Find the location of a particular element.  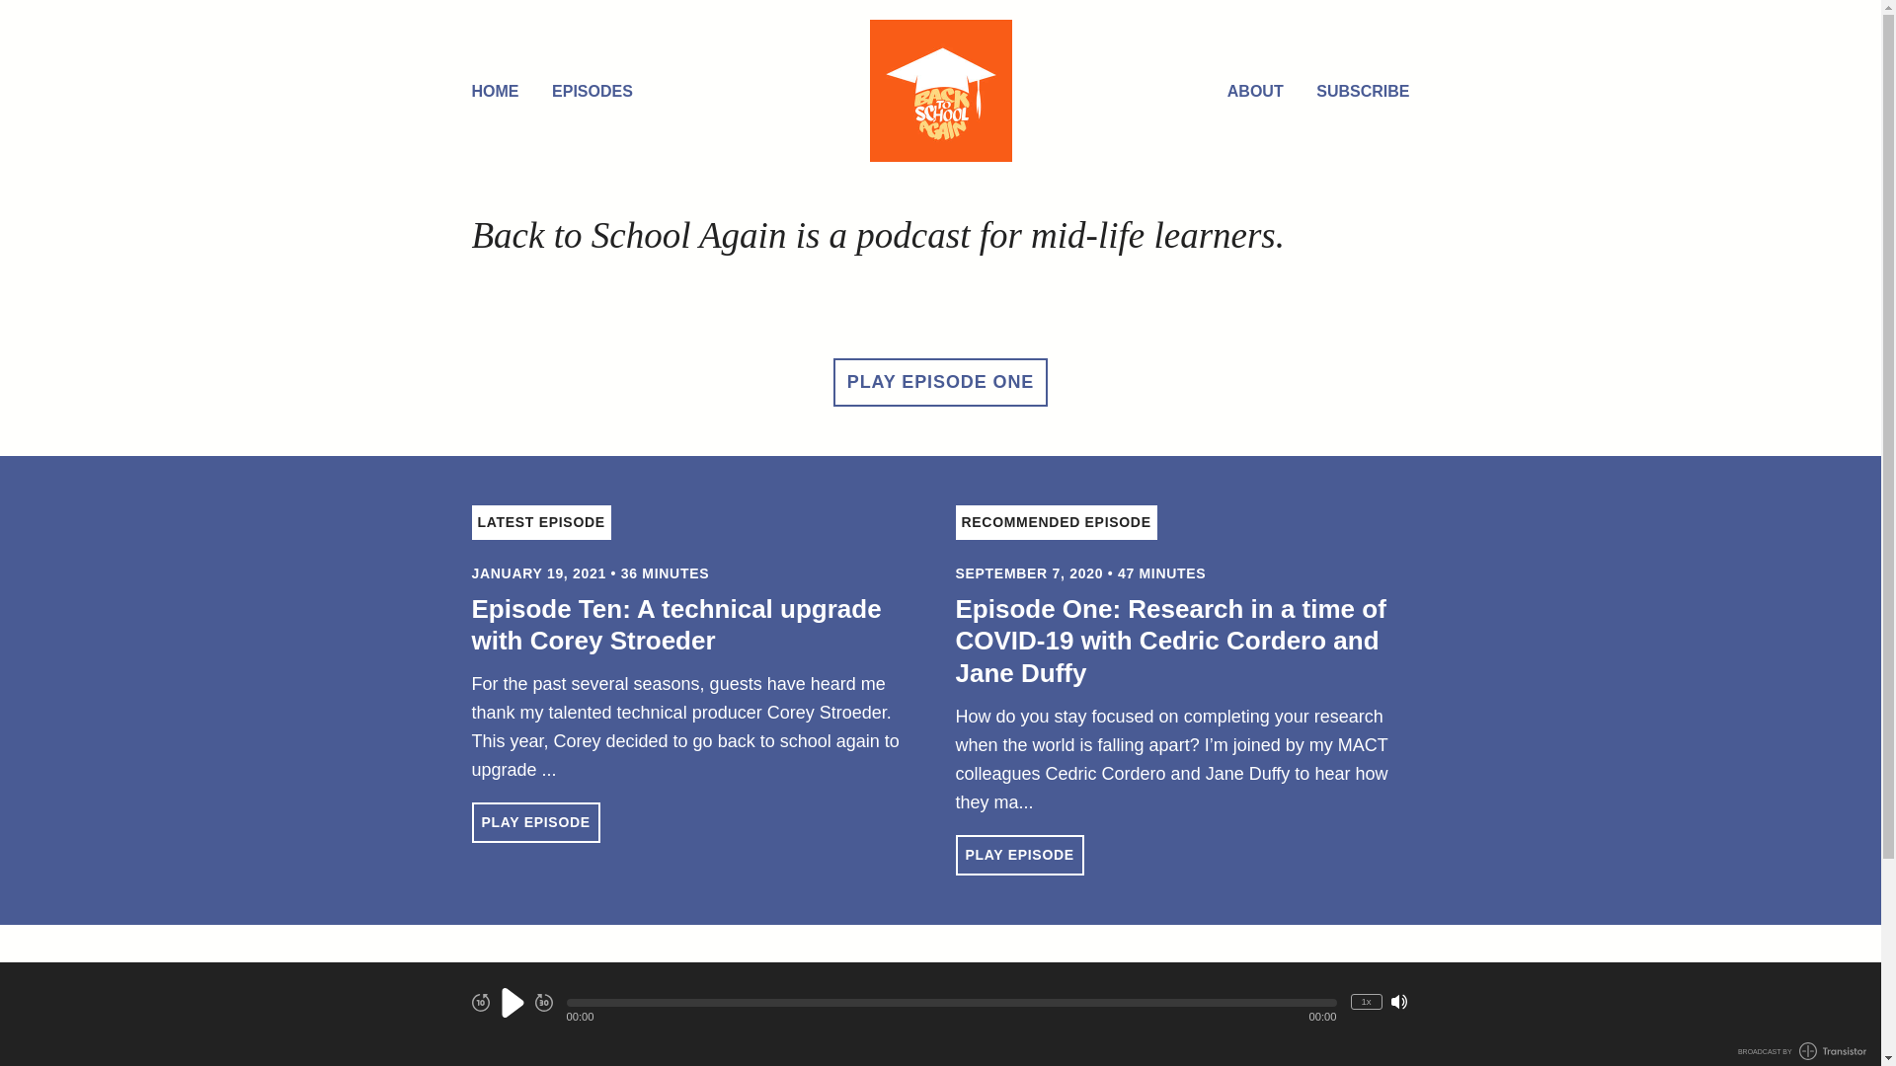

'Fast Forward 30 seconds' is located at coordinates (544, 1001).